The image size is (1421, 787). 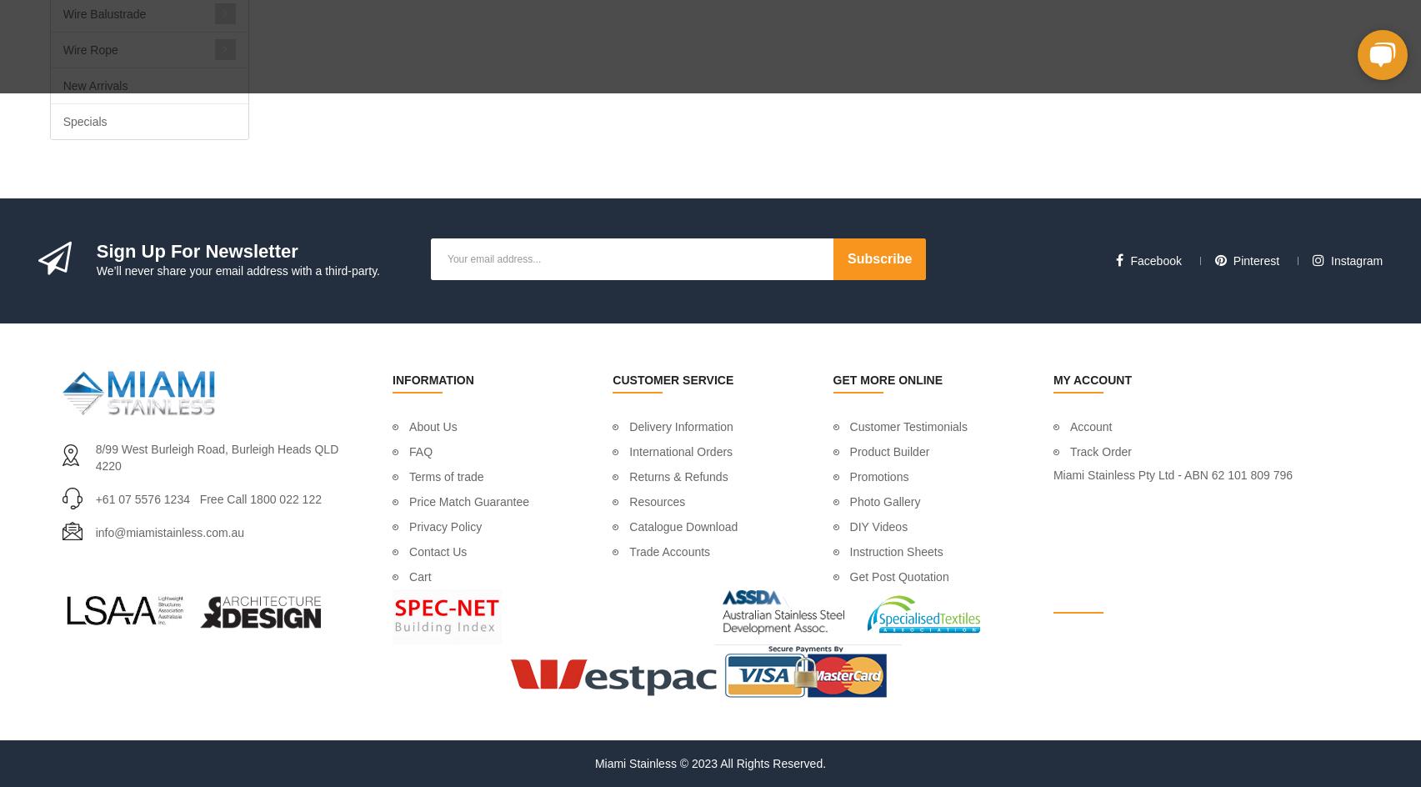 What do you see at coordinates (681, 451) in the screenshot?
I see `'International Orders'` at bounding box center [681, 451].